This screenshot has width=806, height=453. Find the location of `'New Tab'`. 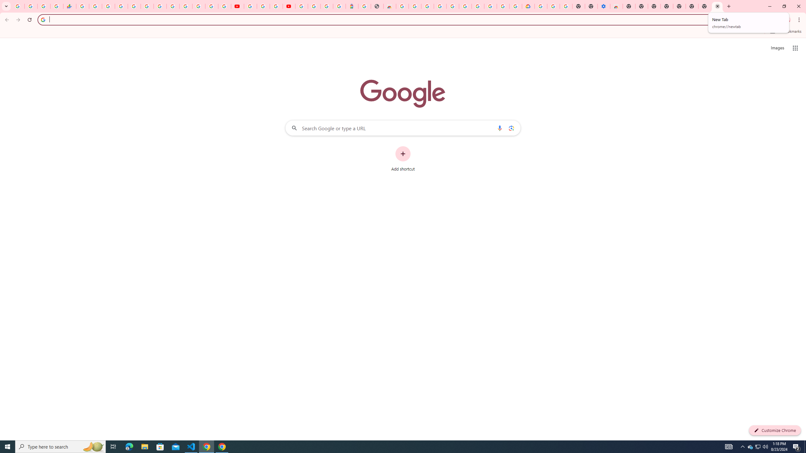

'New Tab' is located at coordinates (717, 6).